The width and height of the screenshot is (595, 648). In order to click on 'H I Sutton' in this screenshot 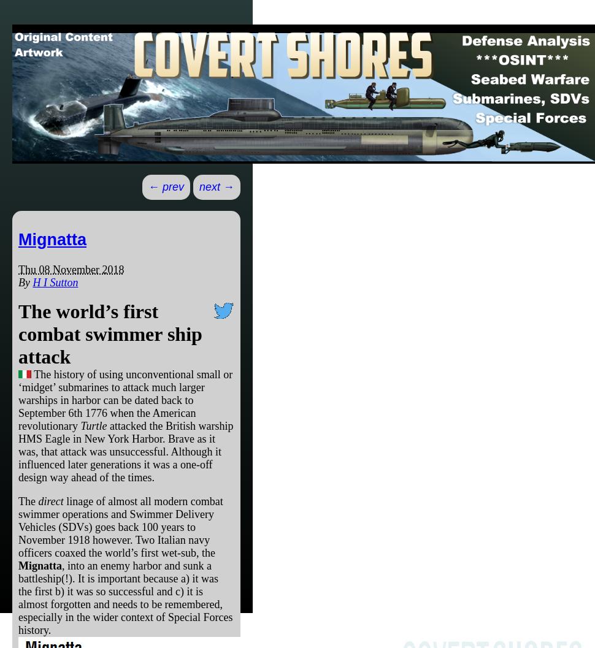, I will do `click(55, 282)`.